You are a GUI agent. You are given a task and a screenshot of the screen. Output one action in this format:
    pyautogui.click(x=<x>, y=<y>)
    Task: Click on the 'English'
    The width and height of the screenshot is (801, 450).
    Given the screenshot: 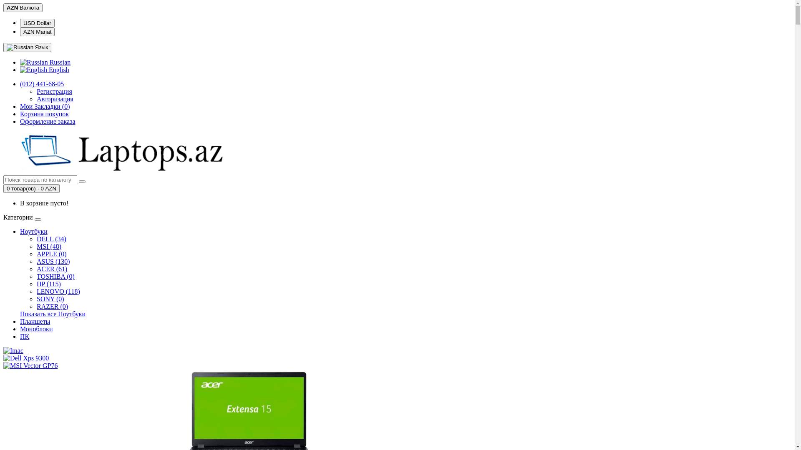 What is the action you would take?
    pyautogui.click(x=33, y=70)
    